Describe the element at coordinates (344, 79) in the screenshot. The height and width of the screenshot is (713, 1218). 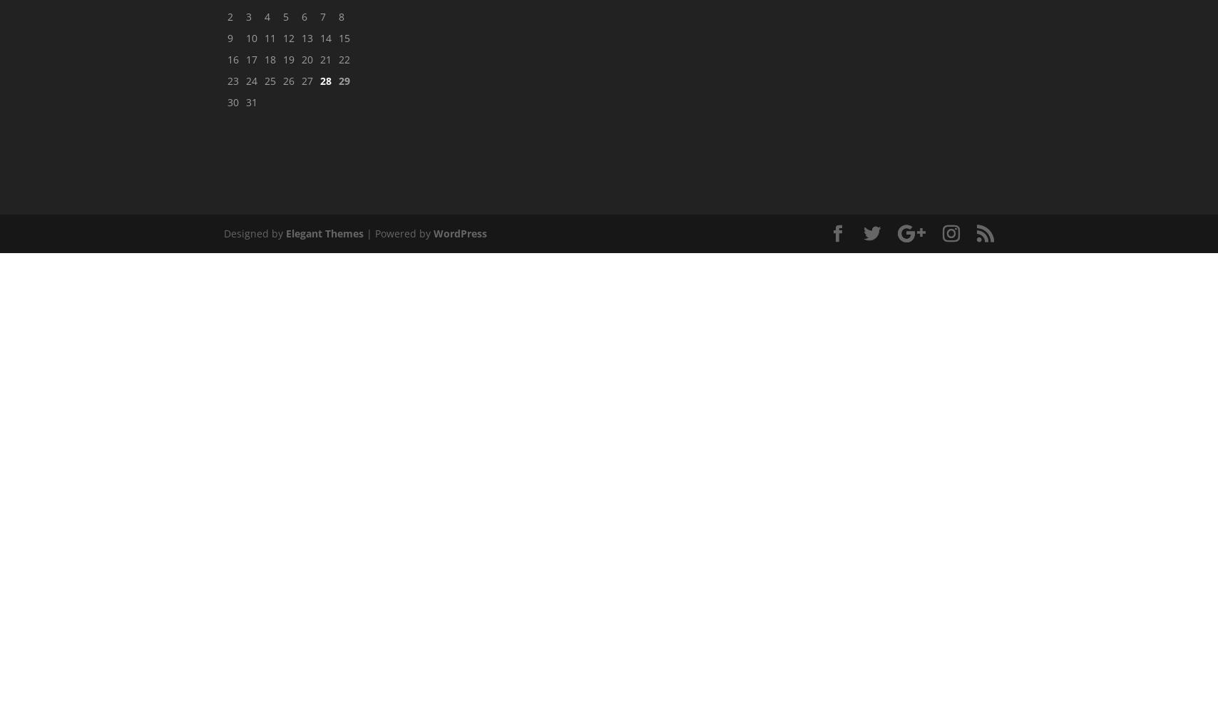
I see `'29'` at that location.